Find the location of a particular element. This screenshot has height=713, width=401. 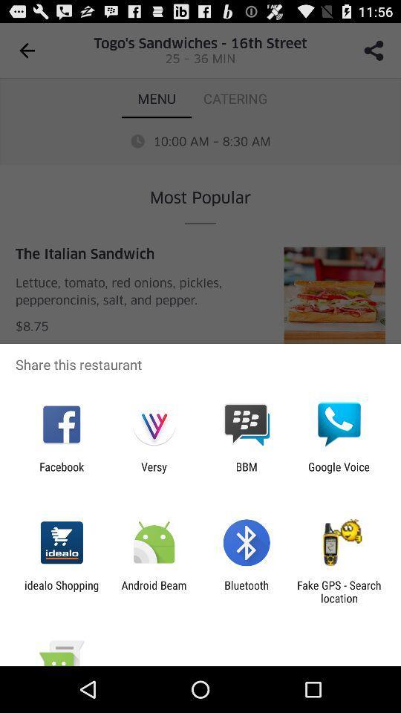

item to the right of android beam item is located at coordinates (247, 591).